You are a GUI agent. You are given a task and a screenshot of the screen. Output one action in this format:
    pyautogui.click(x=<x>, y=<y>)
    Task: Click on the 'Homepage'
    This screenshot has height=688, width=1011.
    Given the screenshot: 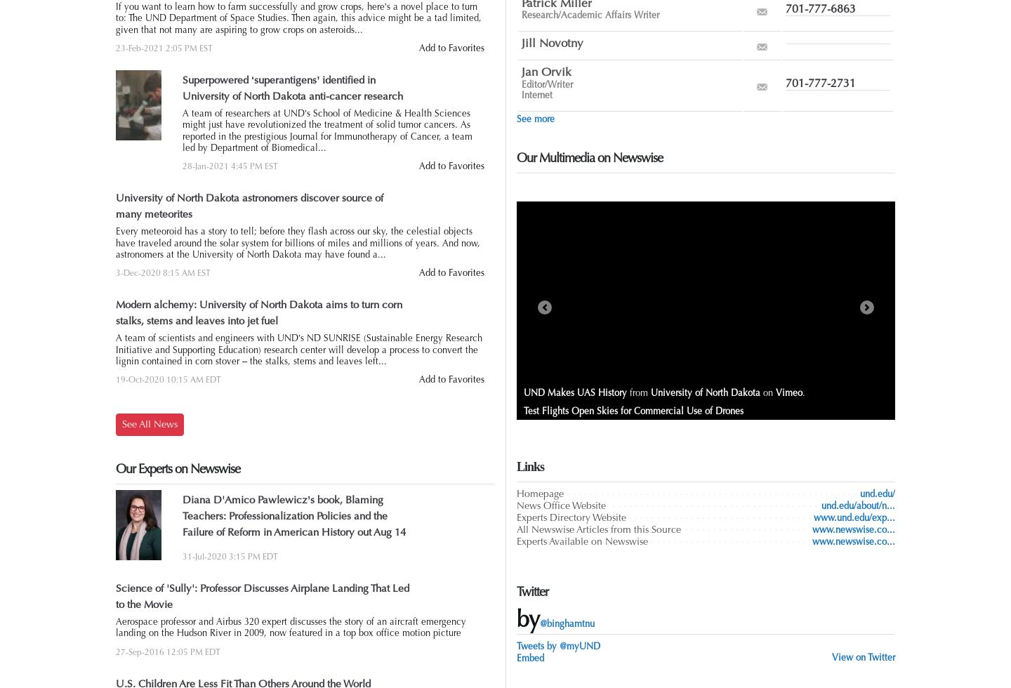 What is the action you would take?
    pyautogui.click(x=539, y=494)
    